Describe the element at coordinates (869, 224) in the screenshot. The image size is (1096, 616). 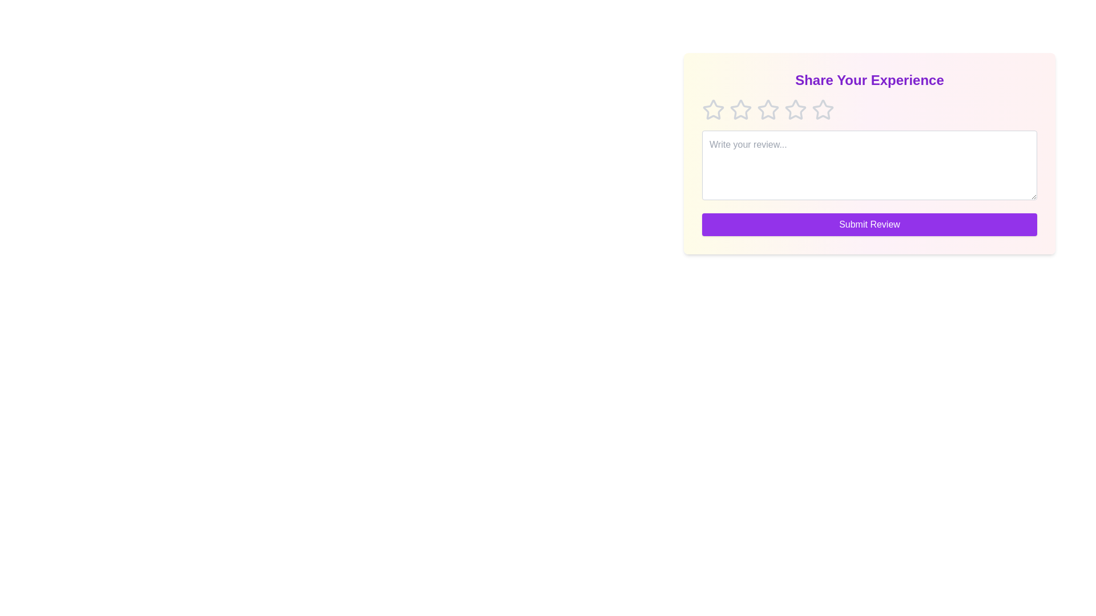
I see `the submit button` at that location.